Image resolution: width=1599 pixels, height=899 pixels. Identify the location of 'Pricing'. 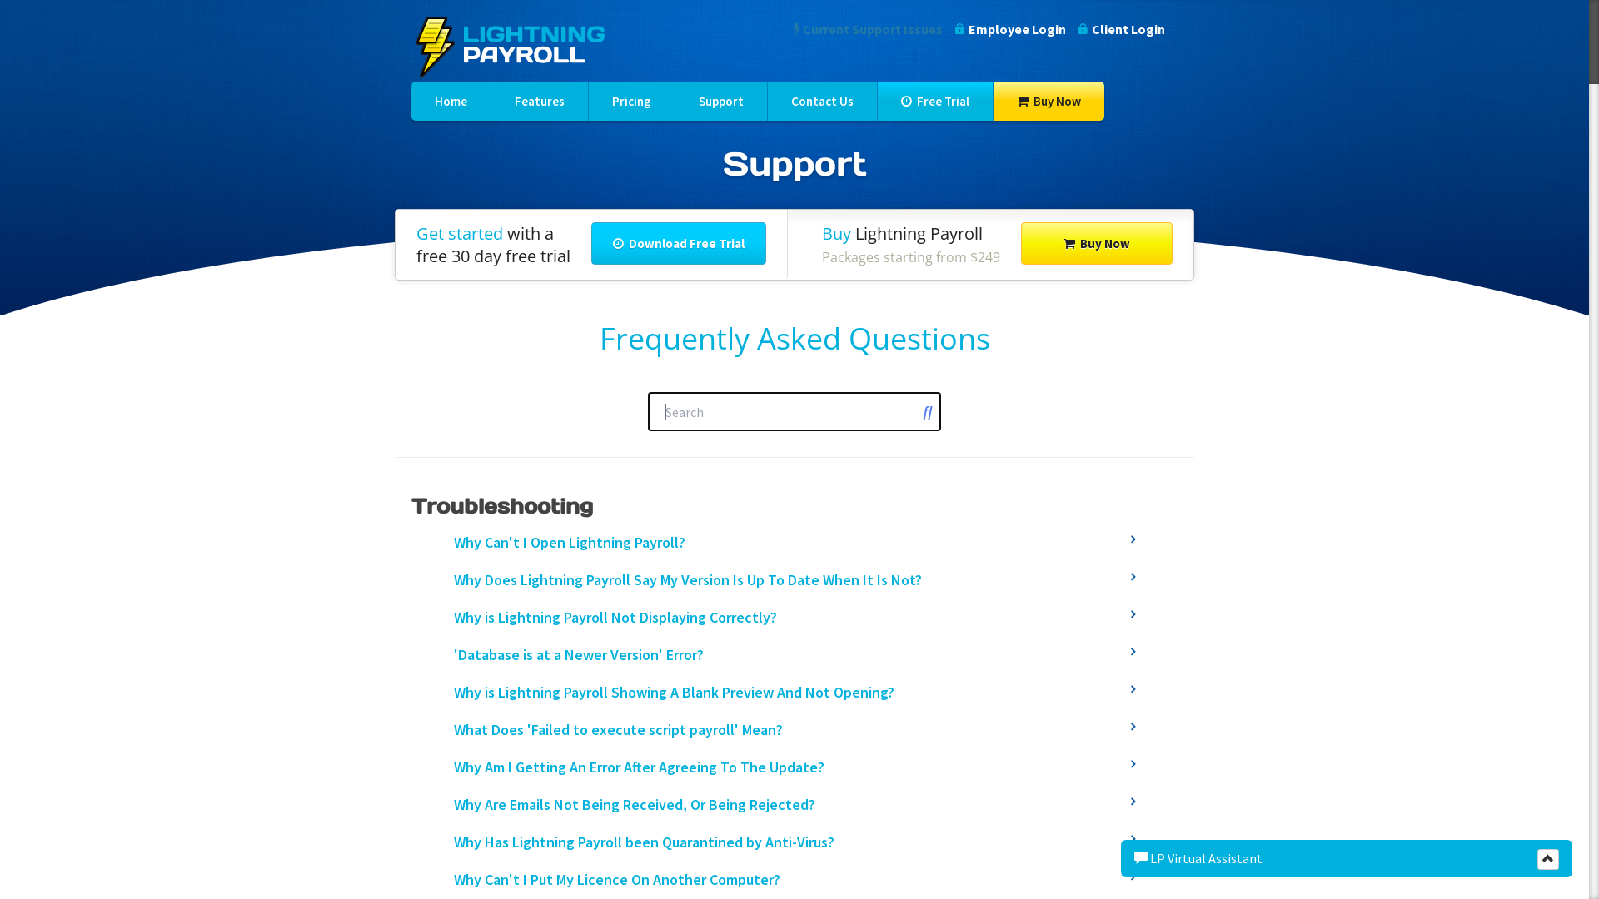
(630, 101).